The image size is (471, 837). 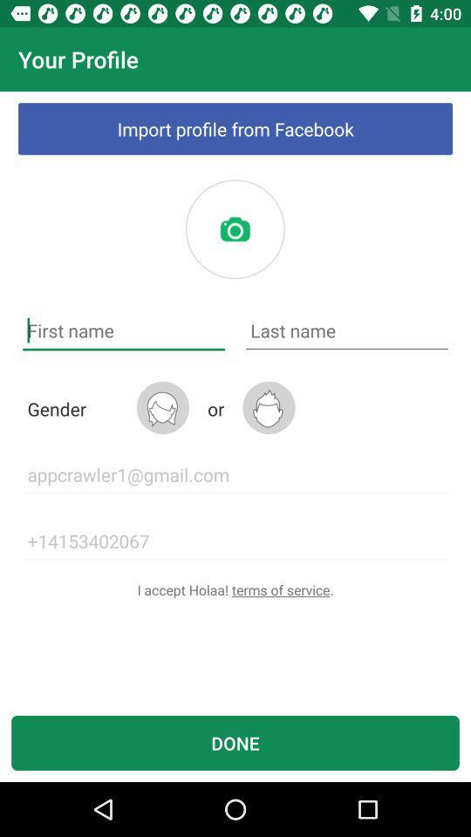 I want to click on the icon below the or item, so click(x=235, y=475).